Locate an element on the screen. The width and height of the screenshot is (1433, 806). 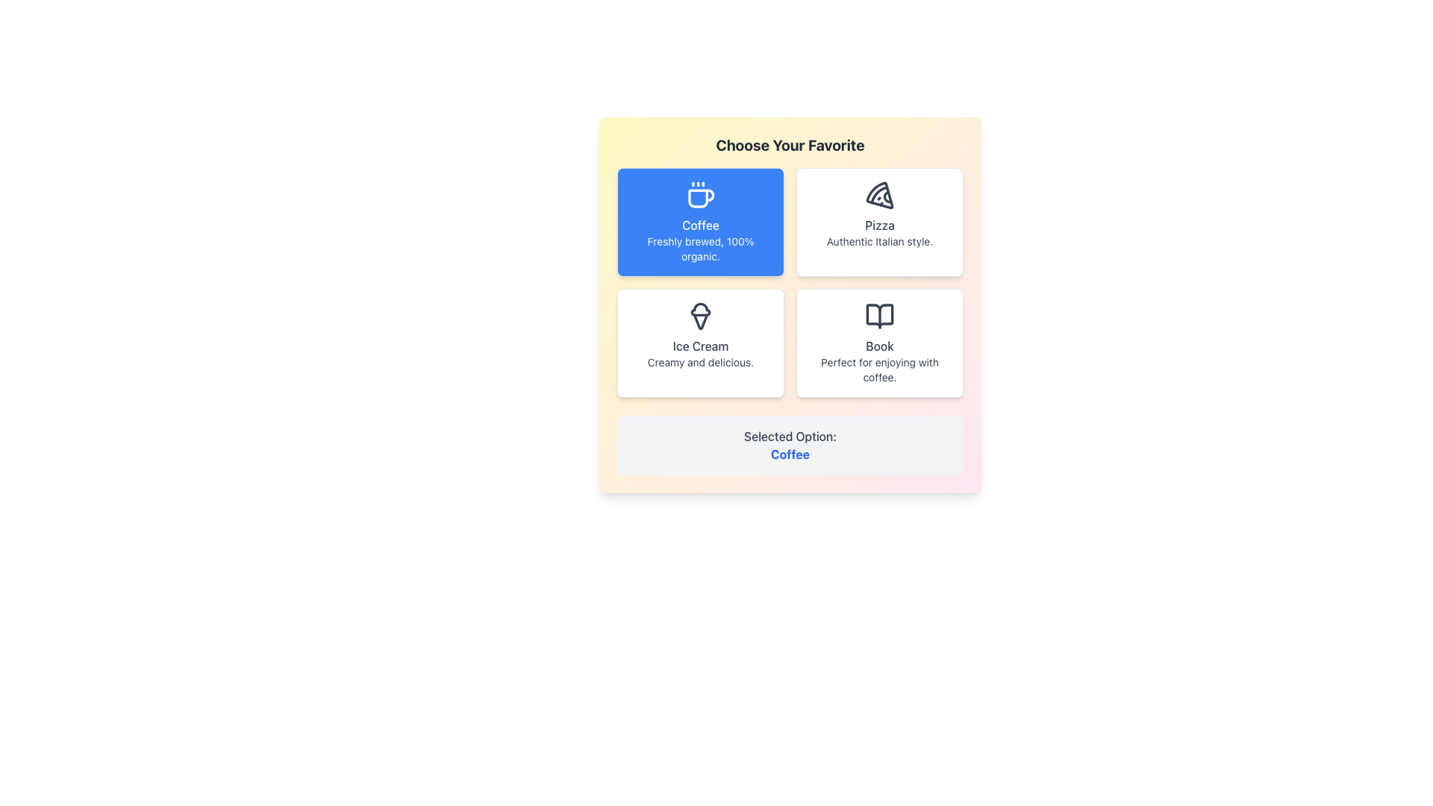
the selectable card representing the 'Coffee' option located in the top-left corner of the grid is located at coordinates (700, 222).